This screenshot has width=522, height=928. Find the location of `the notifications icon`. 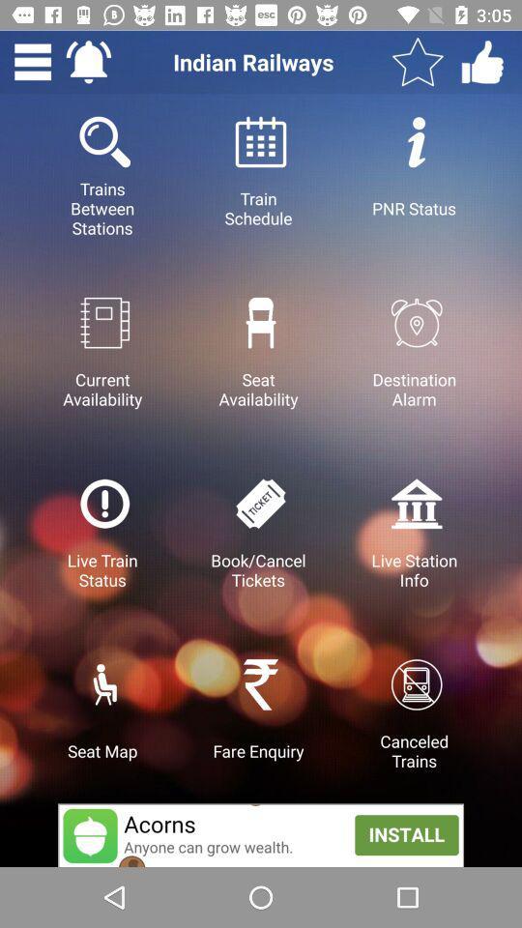

the notifications icon is located at coordinates (87, 62).